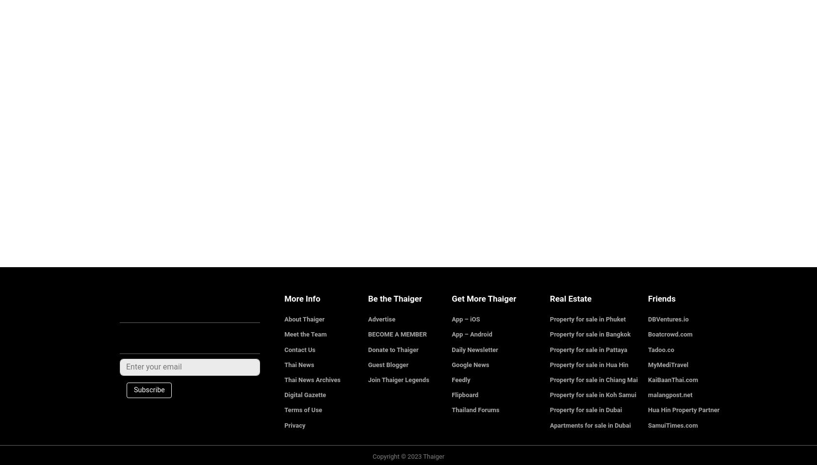 This screenshot has height=465, width=817. I want to click on 'Be the Thaiger', so click(394, 298).